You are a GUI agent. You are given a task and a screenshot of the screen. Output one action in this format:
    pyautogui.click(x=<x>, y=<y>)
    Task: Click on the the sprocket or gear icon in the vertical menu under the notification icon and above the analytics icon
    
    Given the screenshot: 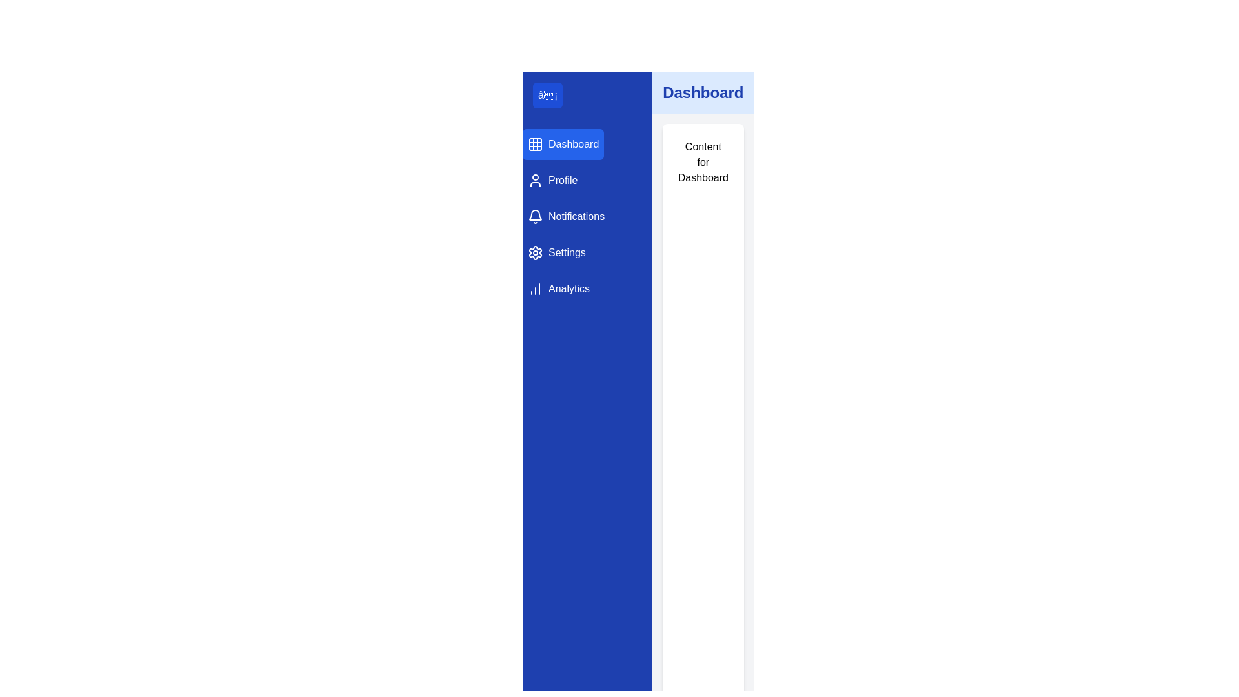 What is the action you would take?
    pyautogui.click(x=536, y=253)
    